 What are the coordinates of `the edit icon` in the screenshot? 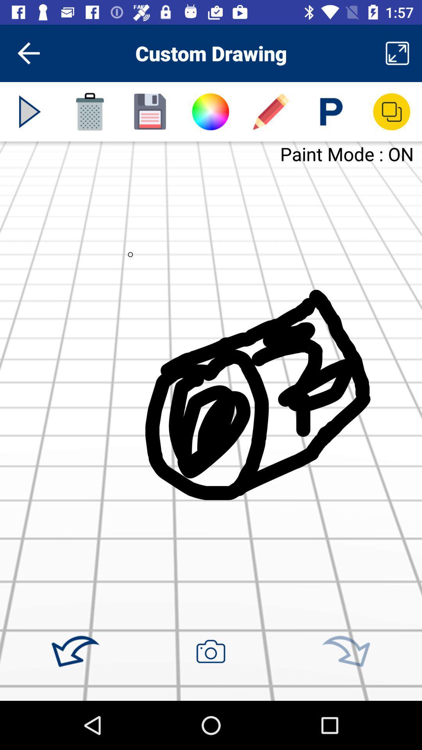 It's located at (270, 111).